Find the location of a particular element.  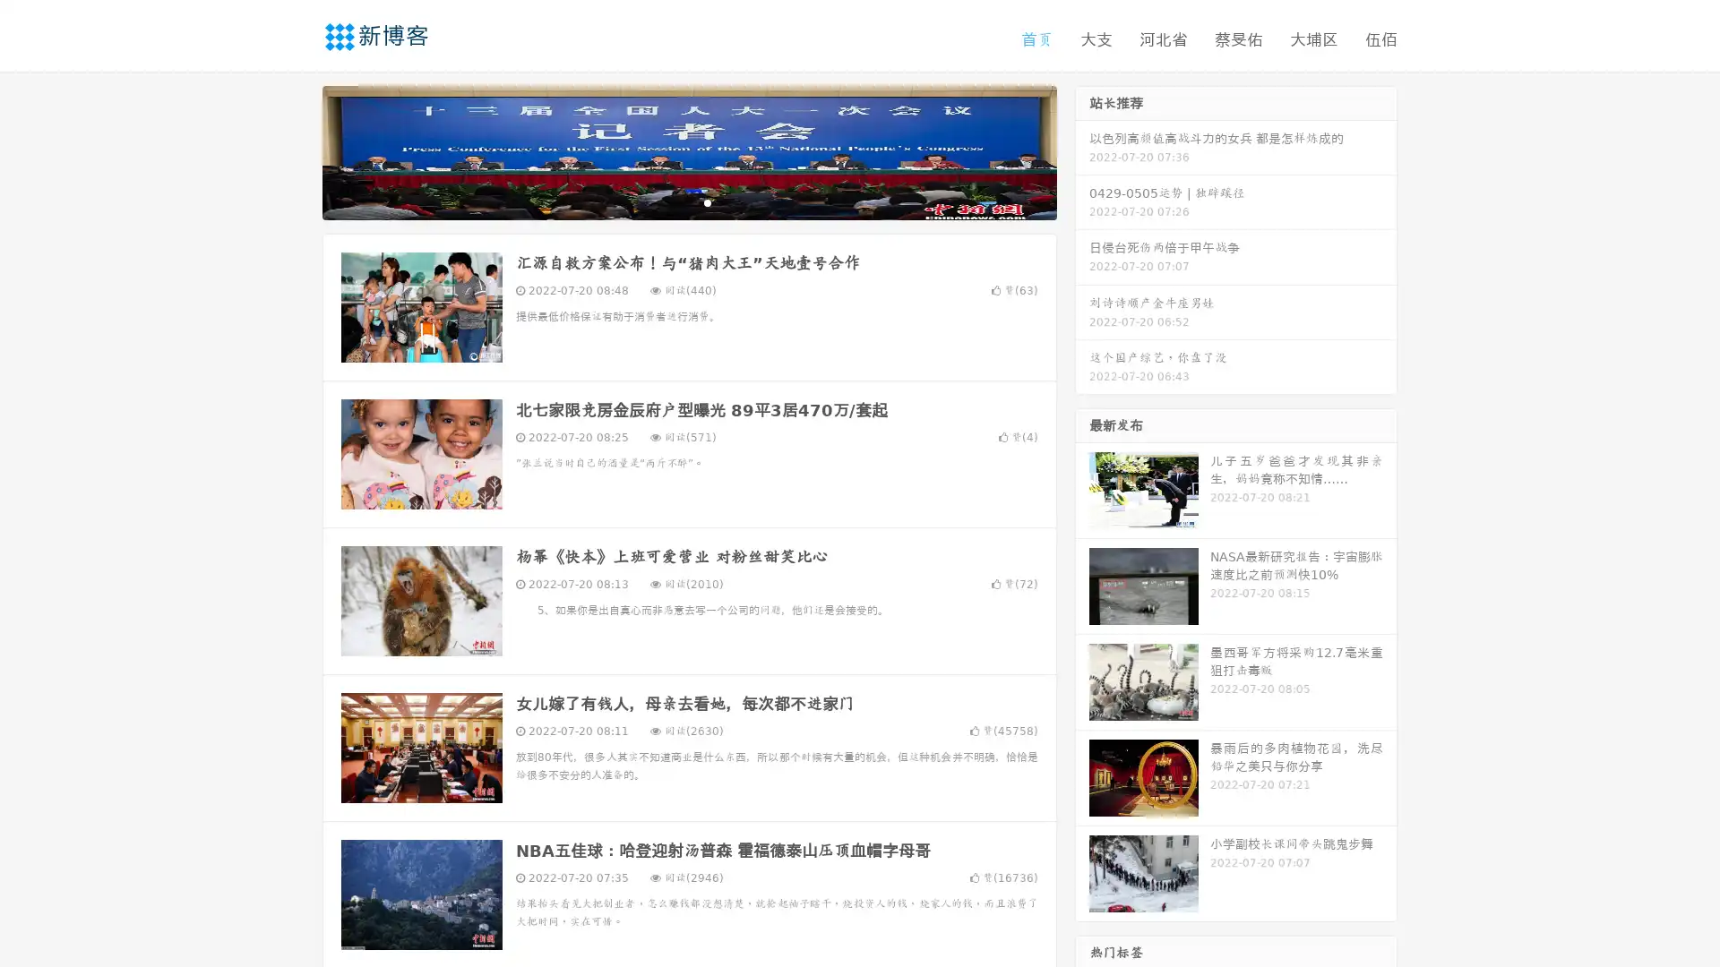

Go to slide 3 is located at coordinates (707, 201).